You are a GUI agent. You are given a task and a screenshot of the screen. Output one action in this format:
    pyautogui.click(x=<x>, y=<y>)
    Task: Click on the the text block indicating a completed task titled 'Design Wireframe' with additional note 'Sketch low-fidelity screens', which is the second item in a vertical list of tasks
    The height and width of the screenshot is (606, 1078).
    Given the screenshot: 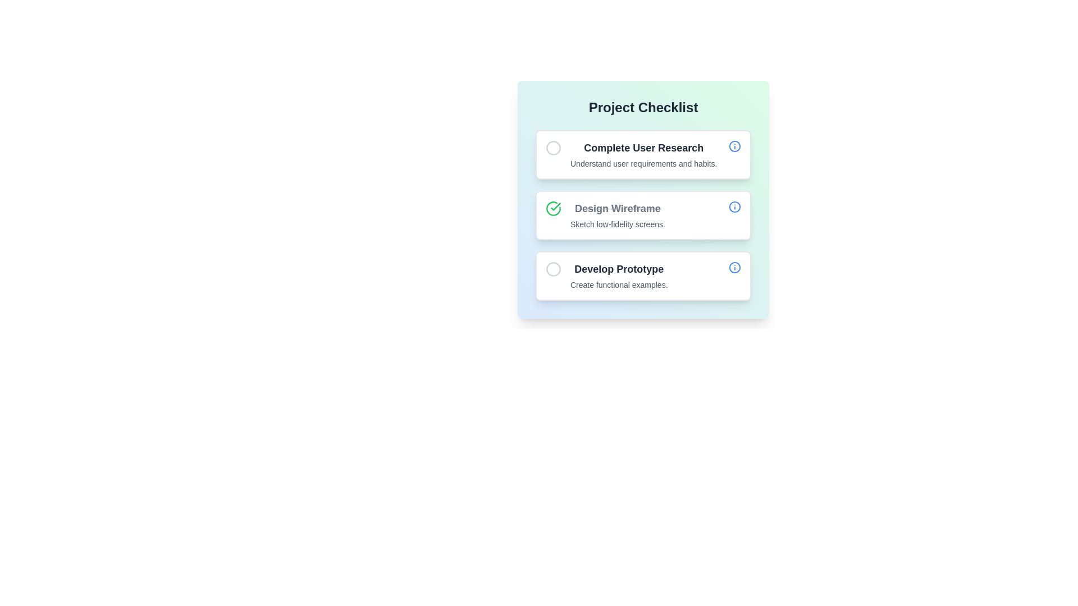 What is the action you would take?
    pyautogui.click(x=617, y=215)
    